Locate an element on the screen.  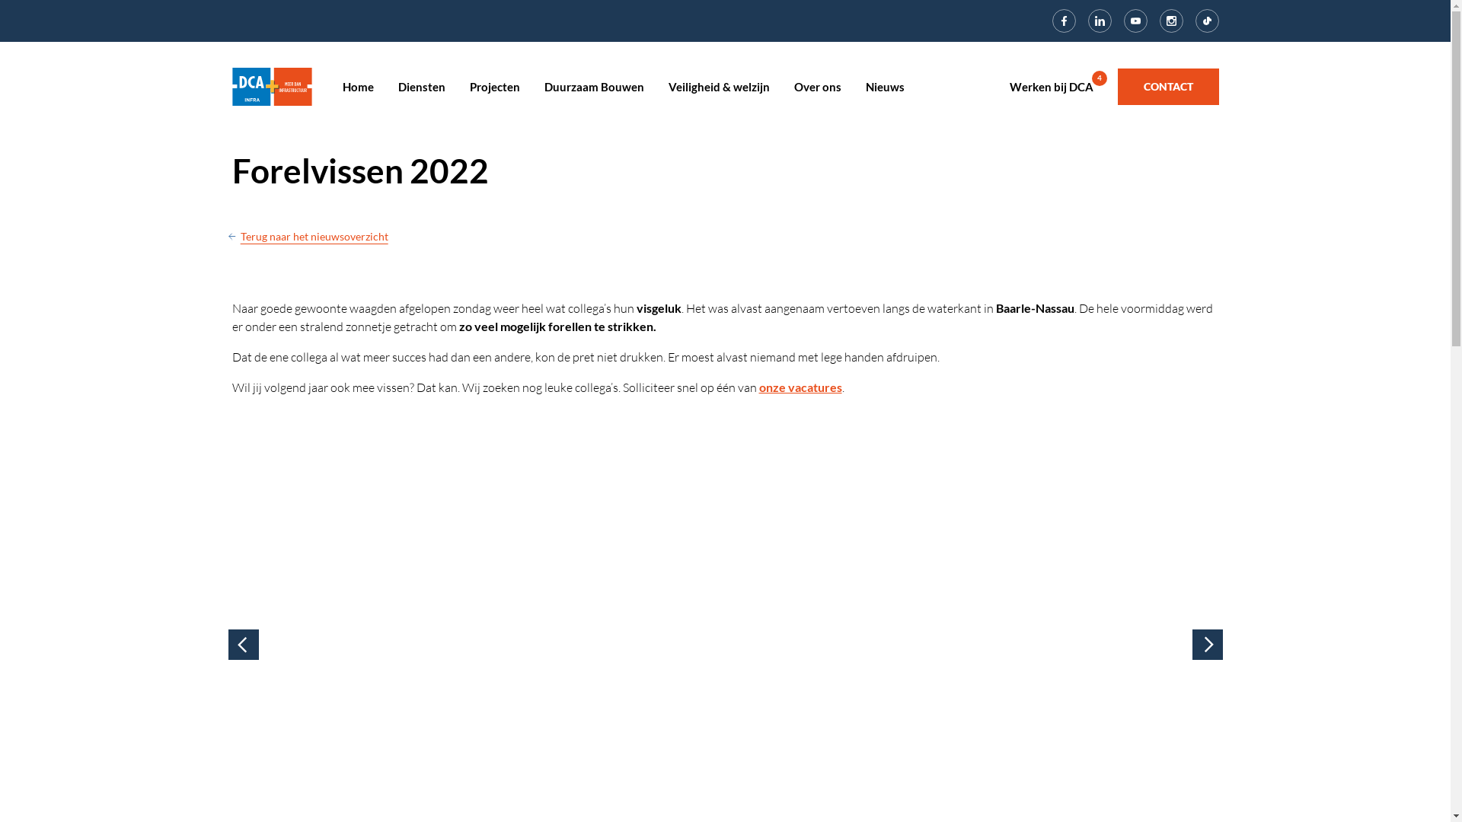
'CONTACT' is located at coordinates (1167, 87).